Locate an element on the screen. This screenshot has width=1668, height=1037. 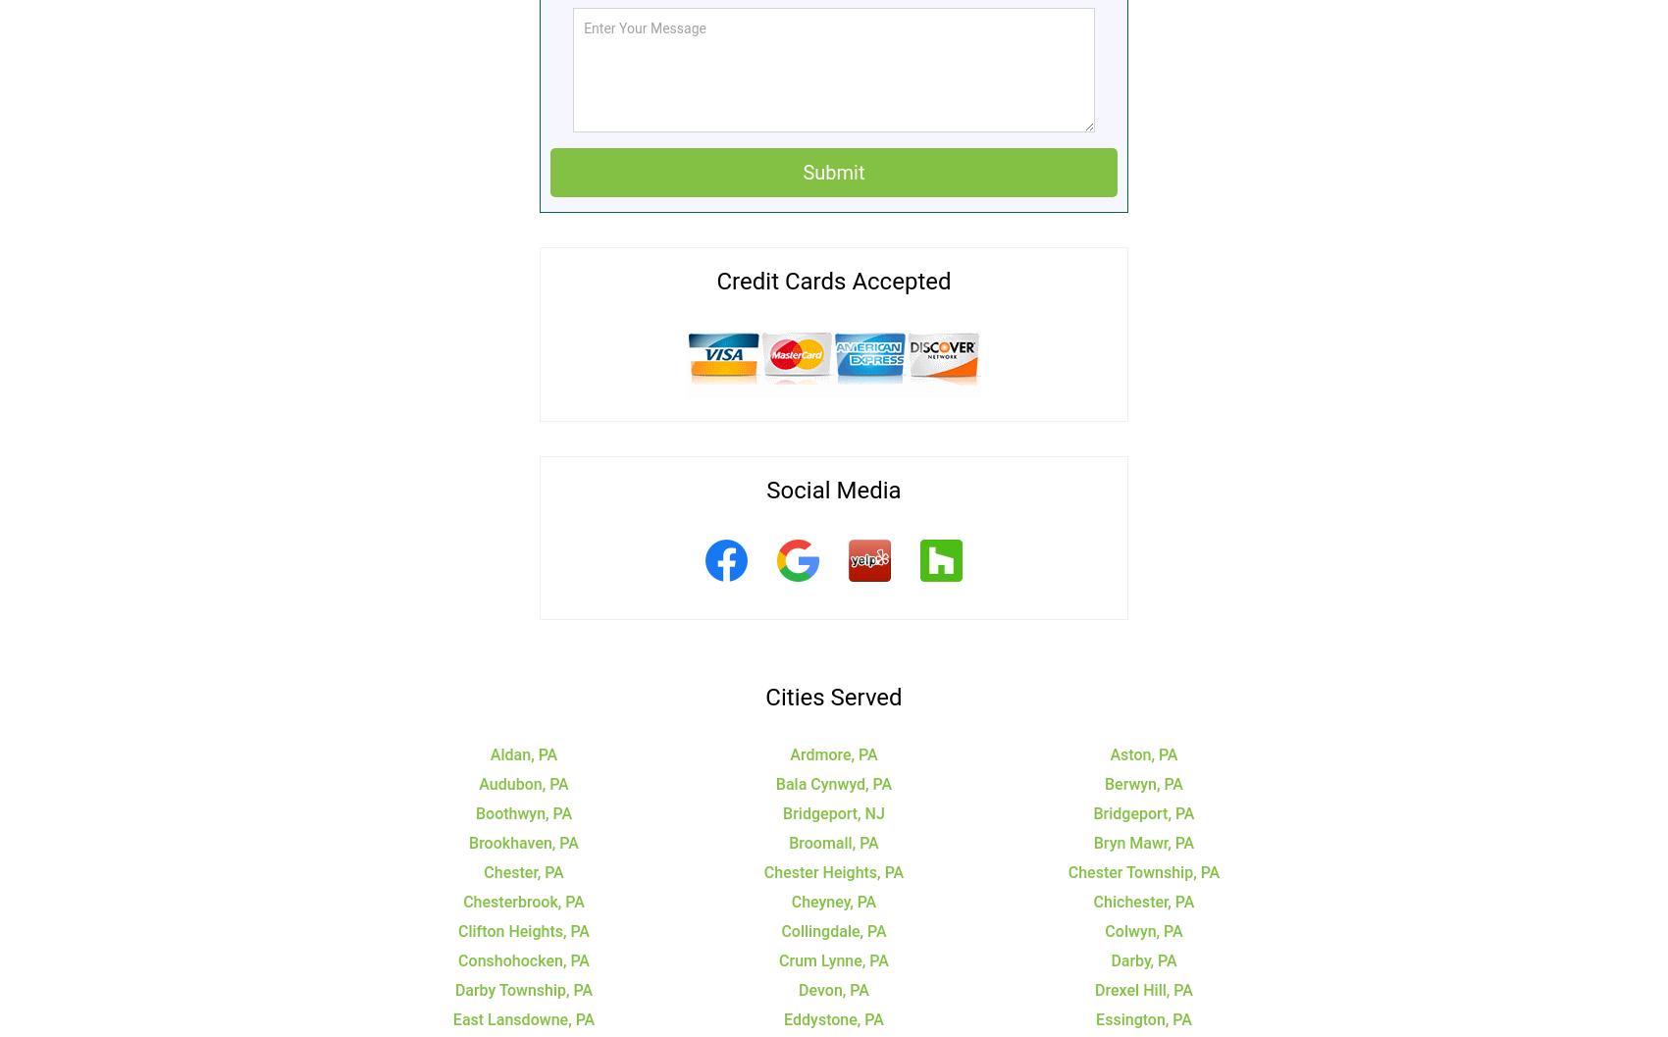
'East Lansdowne, PA' is located at coordinates (522, 1017).